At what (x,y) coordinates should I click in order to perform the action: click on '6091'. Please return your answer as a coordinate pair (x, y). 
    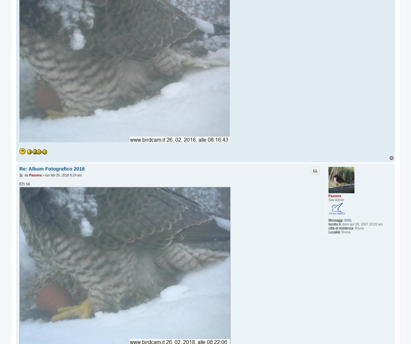
    Looking at the image, I should click on (348, 220).